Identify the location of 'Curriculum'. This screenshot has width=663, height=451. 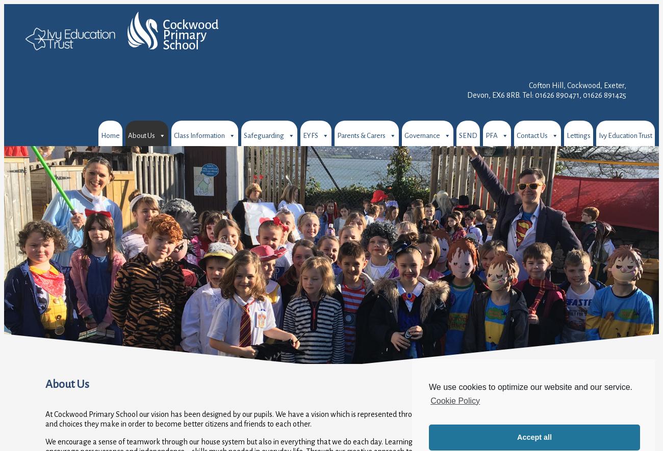
(144, 195).